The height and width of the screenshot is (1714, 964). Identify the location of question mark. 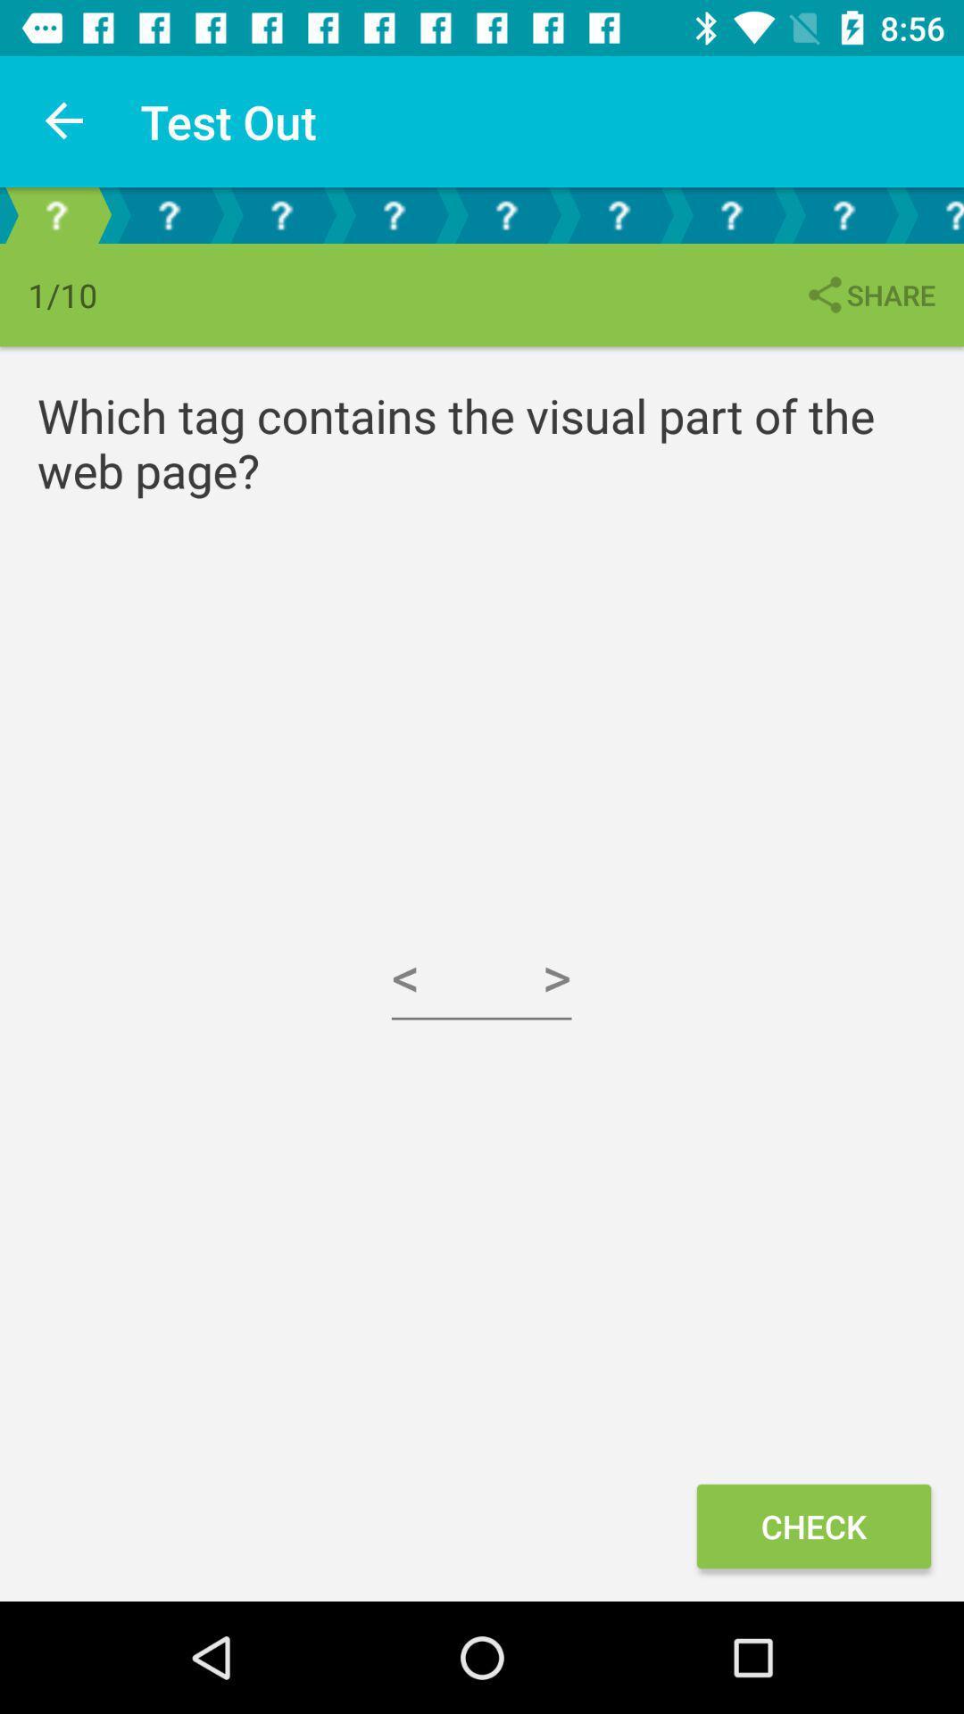
(931, 214).